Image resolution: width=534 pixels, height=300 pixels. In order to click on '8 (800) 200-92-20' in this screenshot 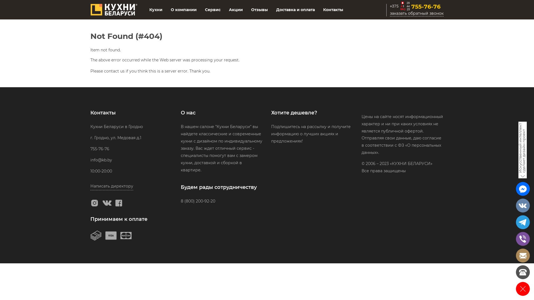, I will do `click(198, 201)`.